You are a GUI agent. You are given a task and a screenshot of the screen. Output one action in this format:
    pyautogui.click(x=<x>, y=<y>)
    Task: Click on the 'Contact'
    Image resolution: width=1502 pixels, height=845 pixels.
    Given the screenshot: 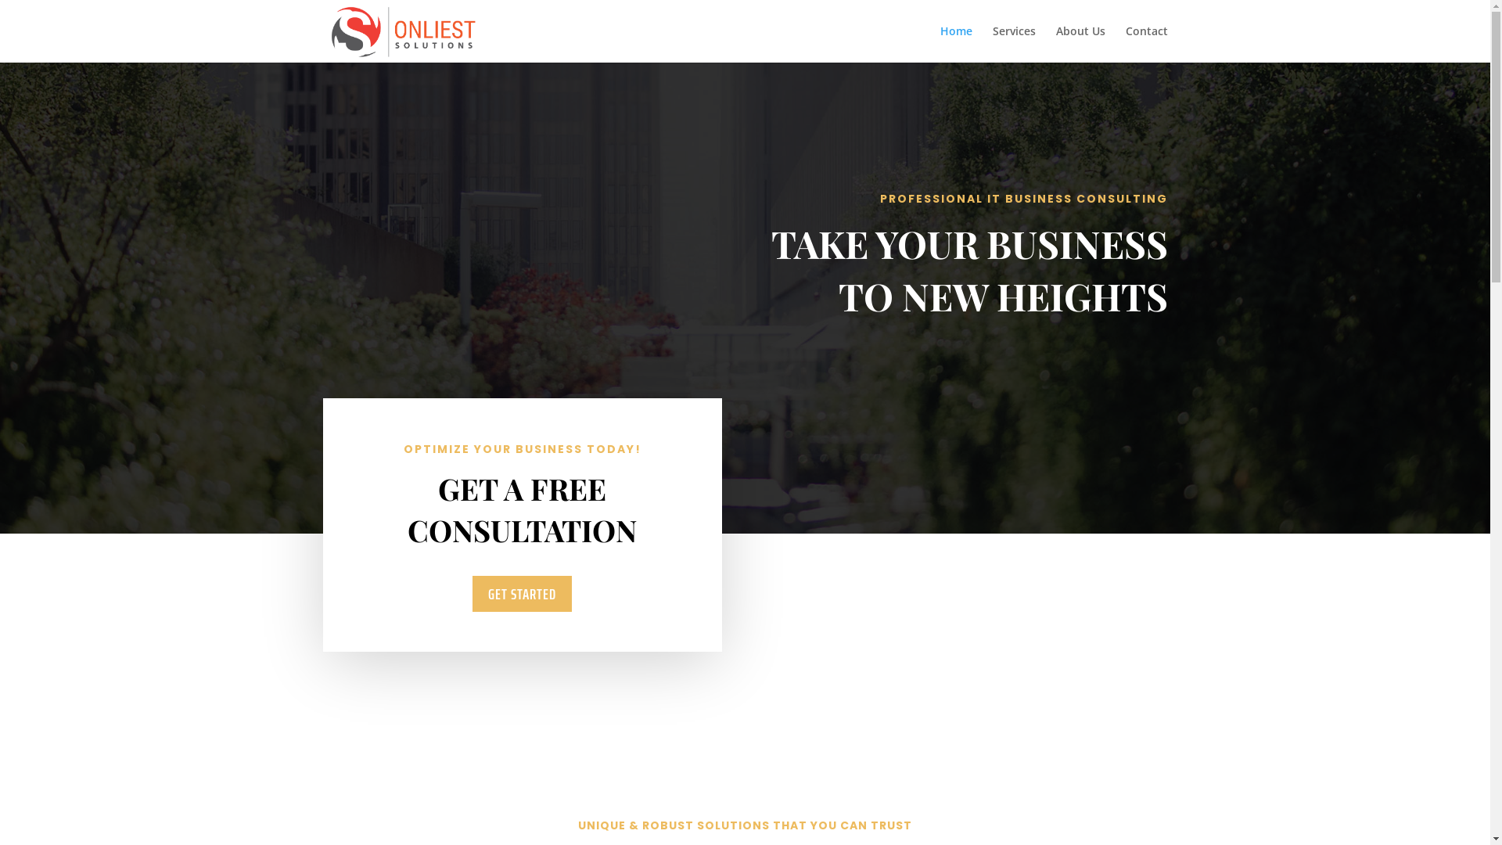 What is the action you would take?
    pyautogui.click(x=1145, y=43)
    